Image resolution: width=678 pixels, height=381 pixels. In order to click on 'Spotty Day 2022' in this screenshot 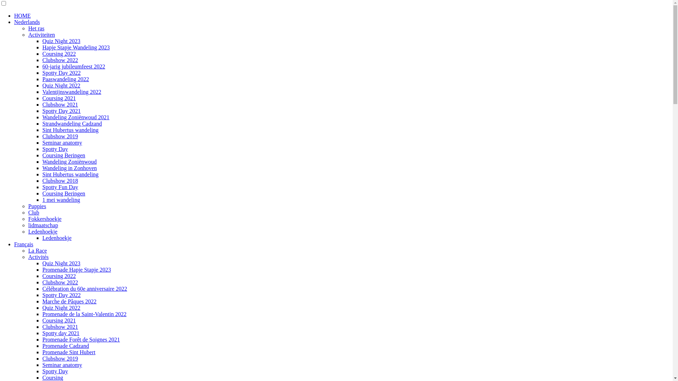, I will do `click(61, 73)`.